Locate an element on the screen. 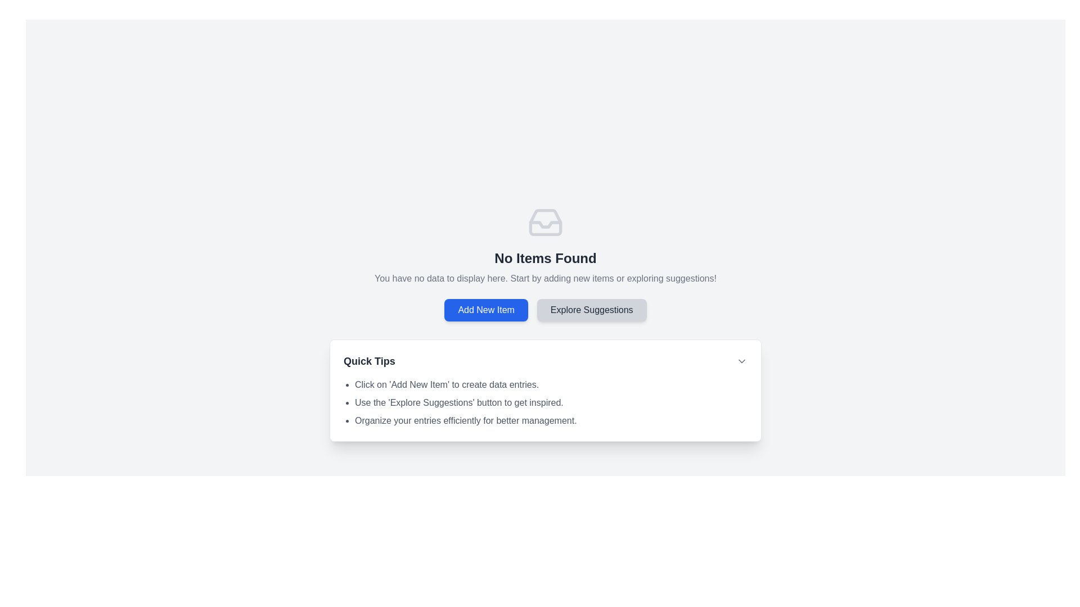 The height and width of the screenshot is (607, 1080). the downward-facing chevron icon button in the 'Quick Tips' section is located at coordinates (742, 361).